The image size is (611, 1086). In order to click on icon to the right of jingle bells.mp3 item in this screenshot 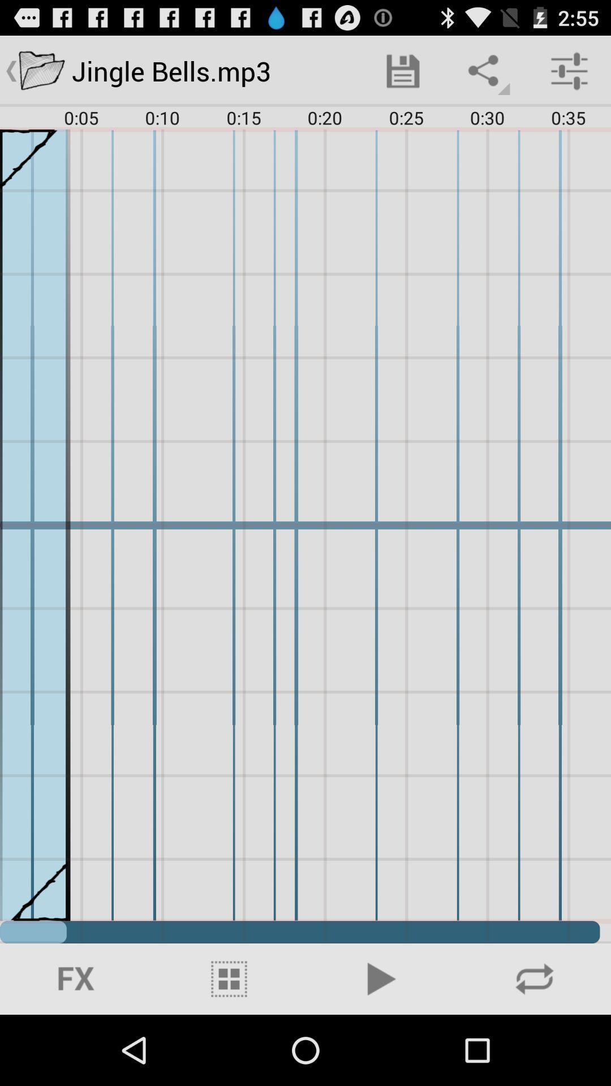, I will do `click(402, 70)`.